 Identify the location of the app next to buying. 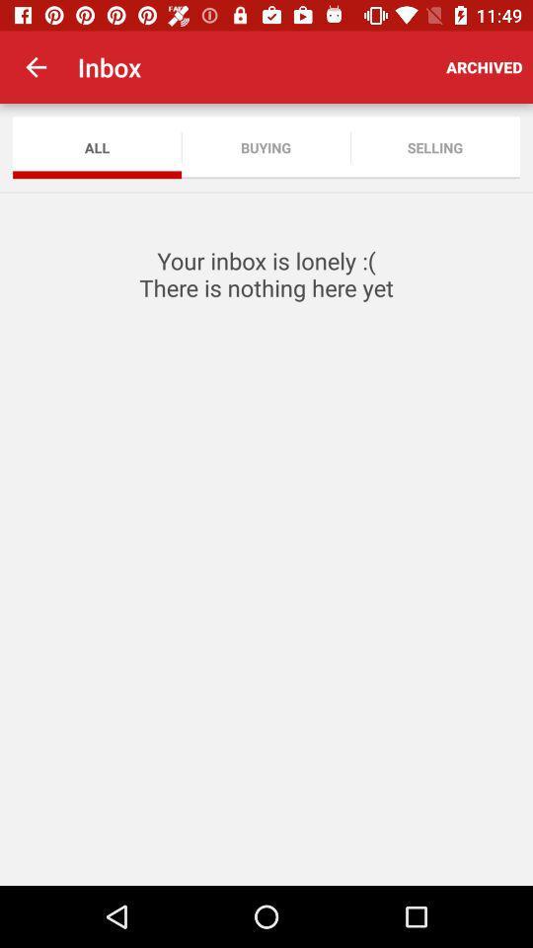
(96, 146).